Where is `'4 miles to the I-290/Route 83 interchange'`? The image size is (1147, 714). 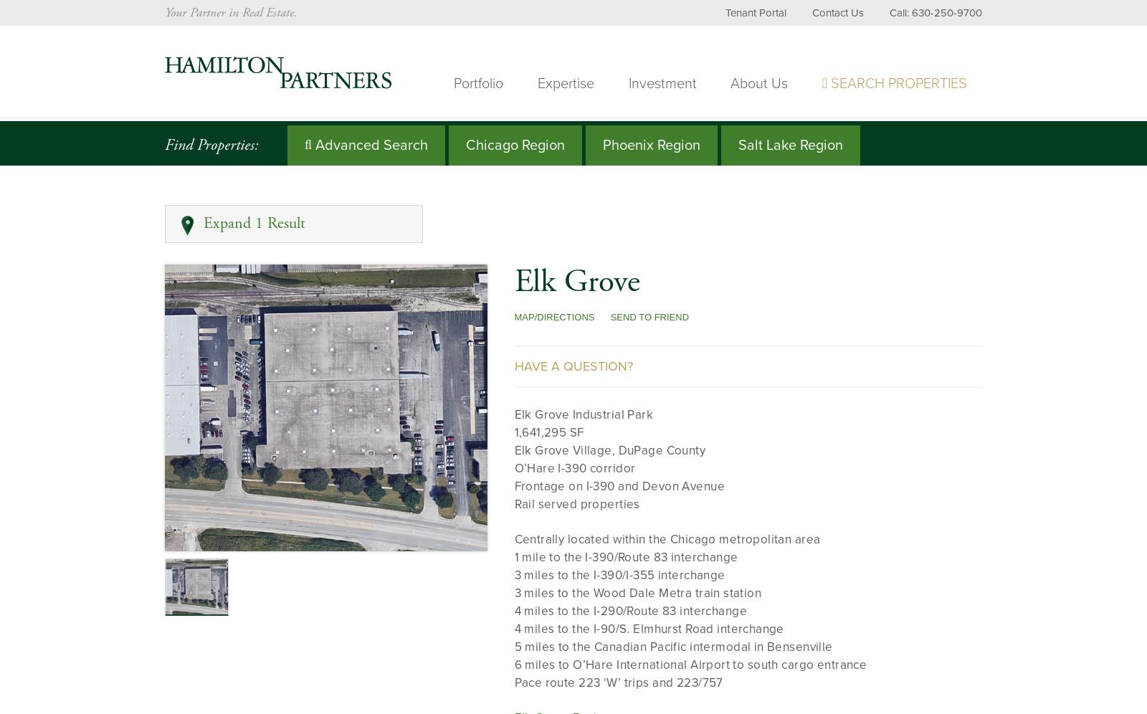
'4 miles to the I-290/Route 83 interchange' is located at coordinates (629, 610).